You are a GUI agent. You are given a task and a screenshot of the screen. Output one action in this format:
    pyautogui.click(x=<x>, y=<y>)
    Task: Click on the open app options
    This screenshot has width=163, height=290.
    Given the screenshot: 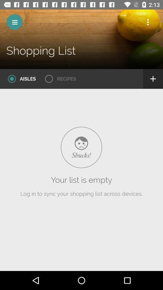 What is the action you would take?
    pyautogui.click(x=148, y=22)
    